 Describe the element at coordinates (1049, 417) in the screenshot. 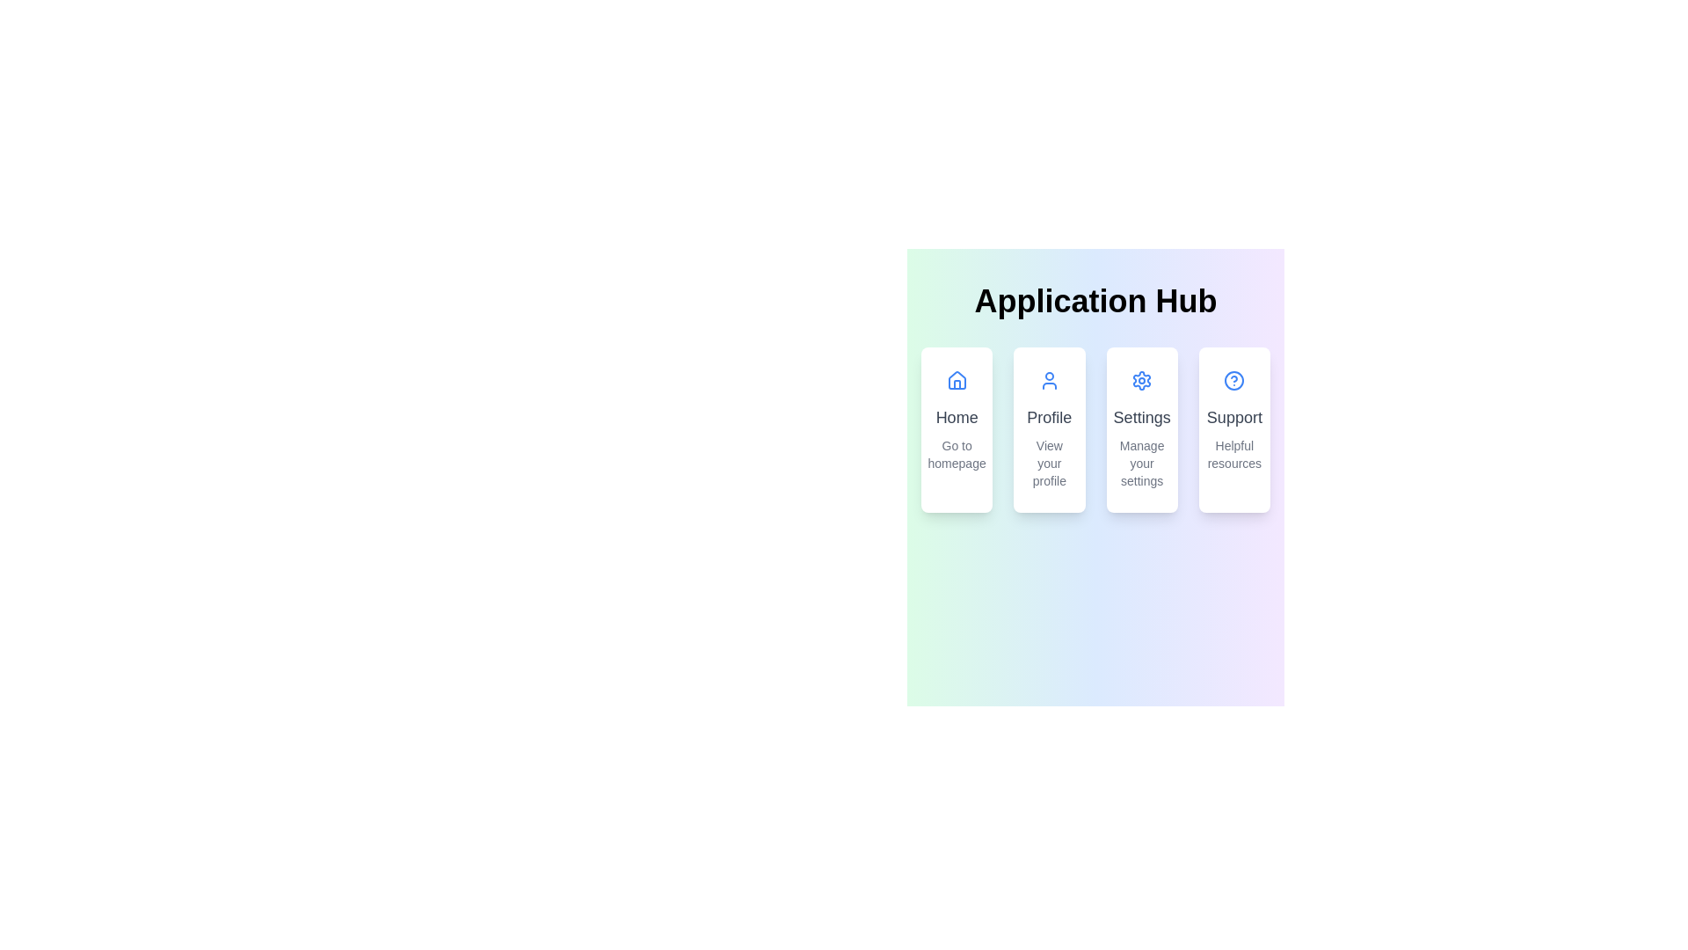

I see `text label that serves as the title for the 'Profile' card, located at the center of the card beneath an icon and above the description 'View your profile'` at that location.